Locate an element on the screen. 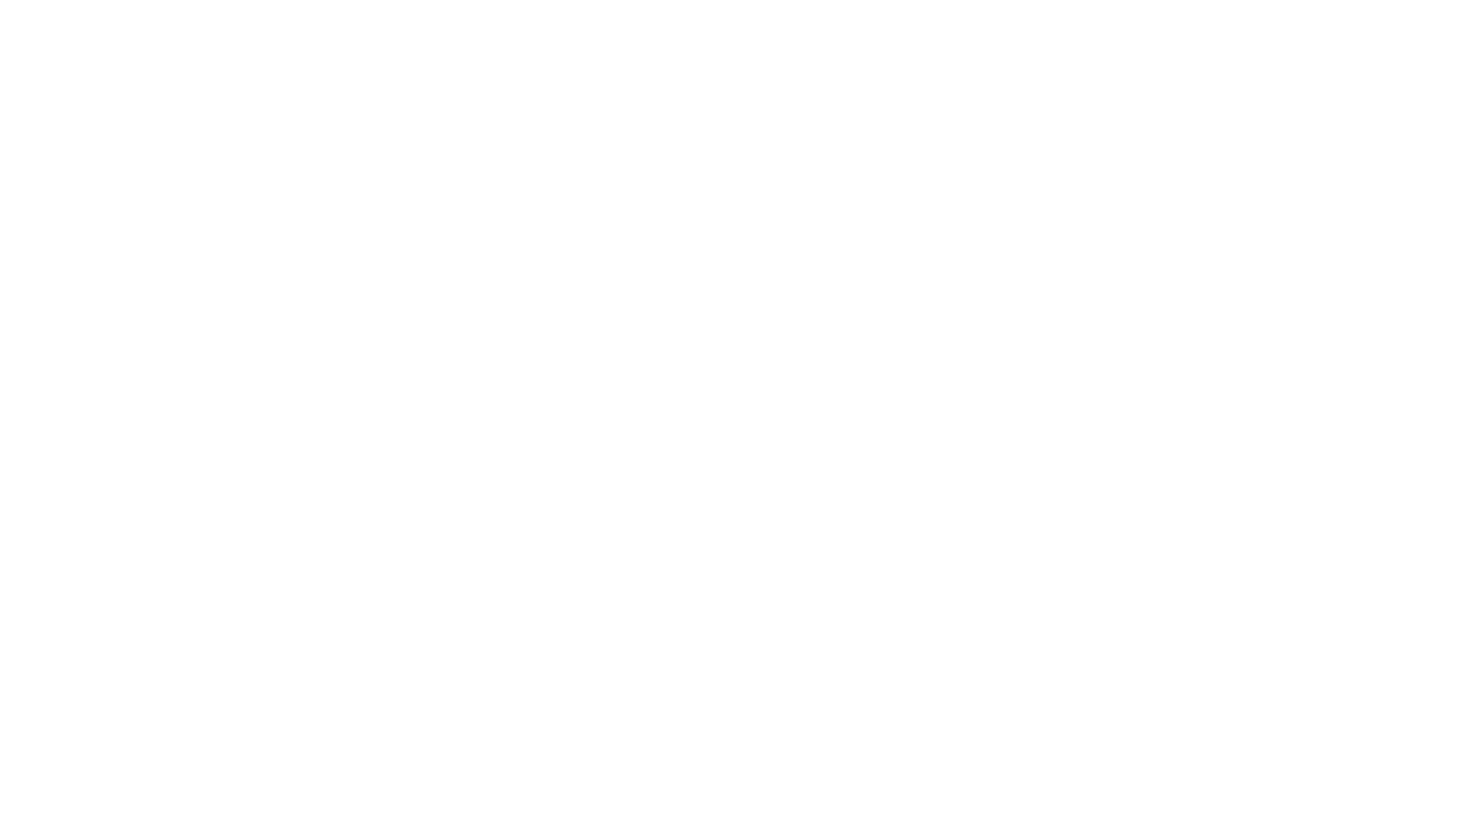 This screenshot has height=815, width=1462. 'by New Mexico Heart Institute vascular surgeons, Steven Henao and Richard Wilkerson.' is located at coordinates (533, 200).